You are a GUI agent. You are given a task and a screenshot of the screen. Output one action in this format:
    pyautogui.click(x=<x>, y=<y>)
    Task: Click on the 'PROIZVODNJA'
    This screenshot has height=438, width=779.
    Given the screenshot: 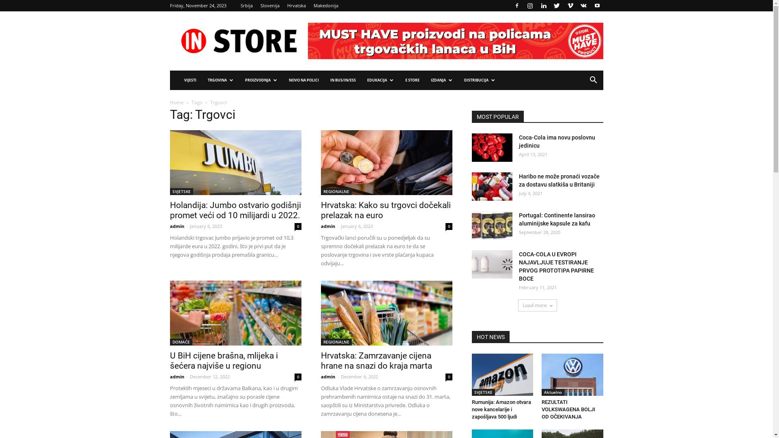 What is the action you would take?
    pyautogui.click(x=261, y=80)
    